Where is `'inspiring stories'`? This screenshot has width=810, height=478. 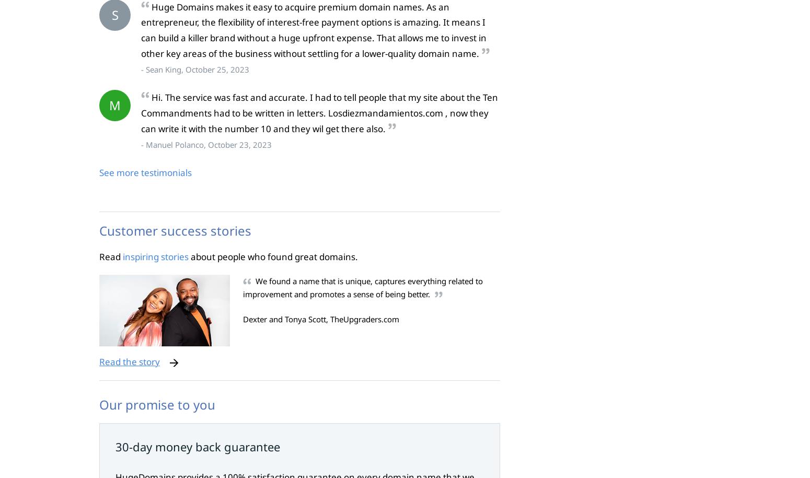
'inspiring stories' is located at coordinates (156, 255).